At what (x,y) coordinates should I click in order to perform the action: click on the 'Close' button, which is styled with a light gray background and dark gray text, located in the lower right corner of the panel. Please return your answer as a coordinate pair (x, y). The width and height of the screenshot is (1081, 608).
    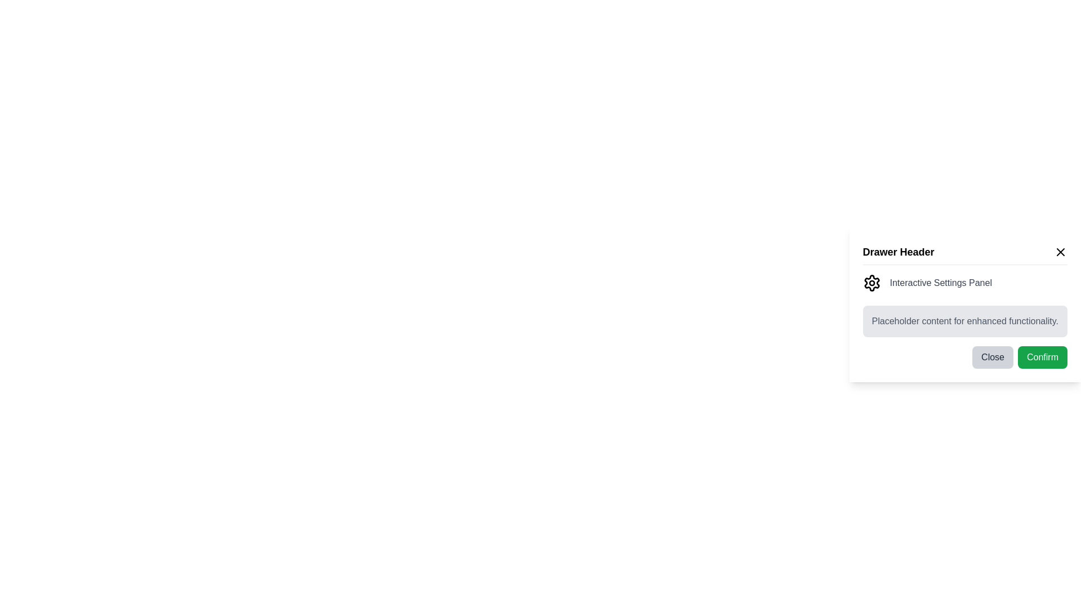
    Looking at the image, I should click on (993, 357).